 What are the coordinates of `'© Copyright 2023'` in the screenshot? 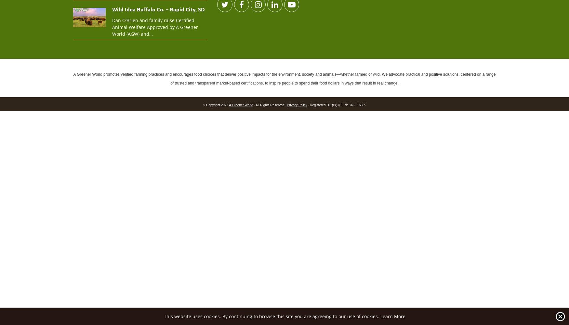 It's located at (215, 104).